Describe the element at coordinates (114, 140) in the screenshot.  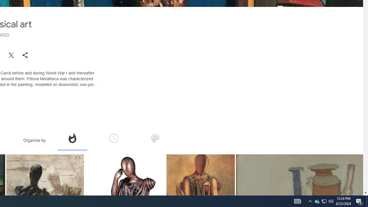
I see `'Organize by time'` at that location.